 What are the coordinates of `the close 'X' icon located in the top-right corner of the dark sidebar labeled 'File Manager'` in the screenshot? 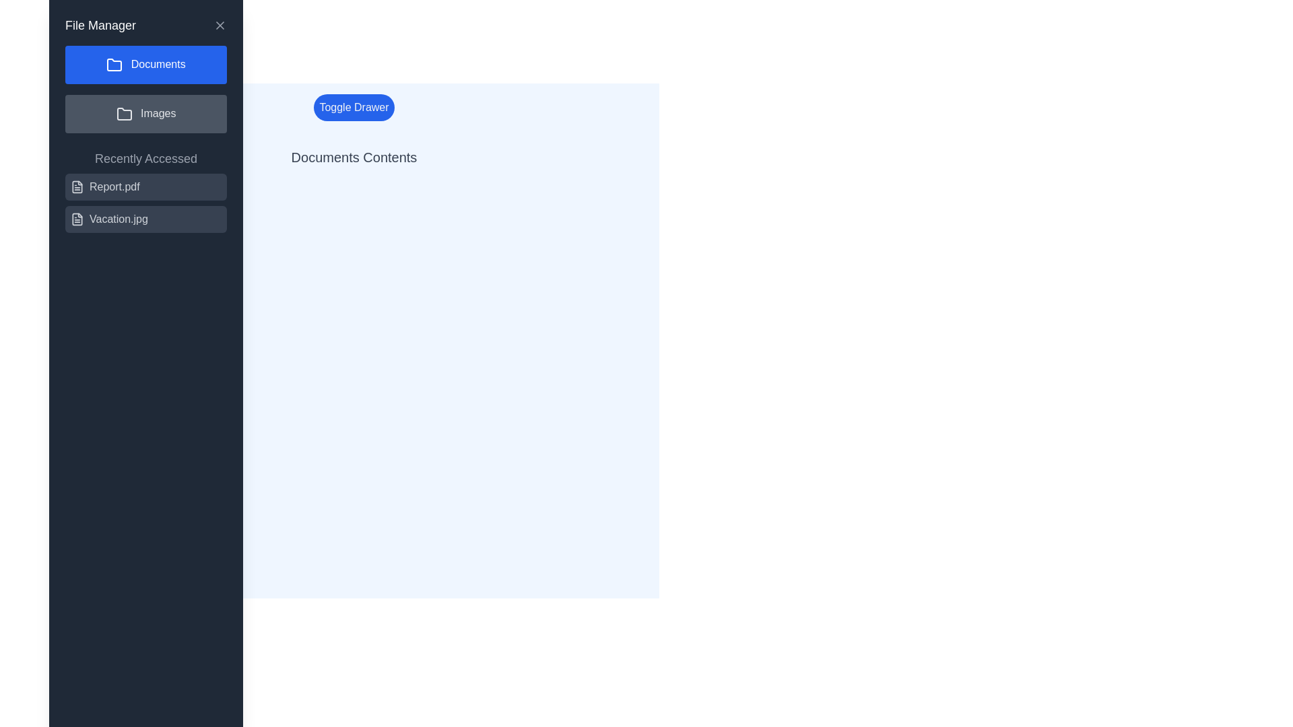 It's located at (220, 26).